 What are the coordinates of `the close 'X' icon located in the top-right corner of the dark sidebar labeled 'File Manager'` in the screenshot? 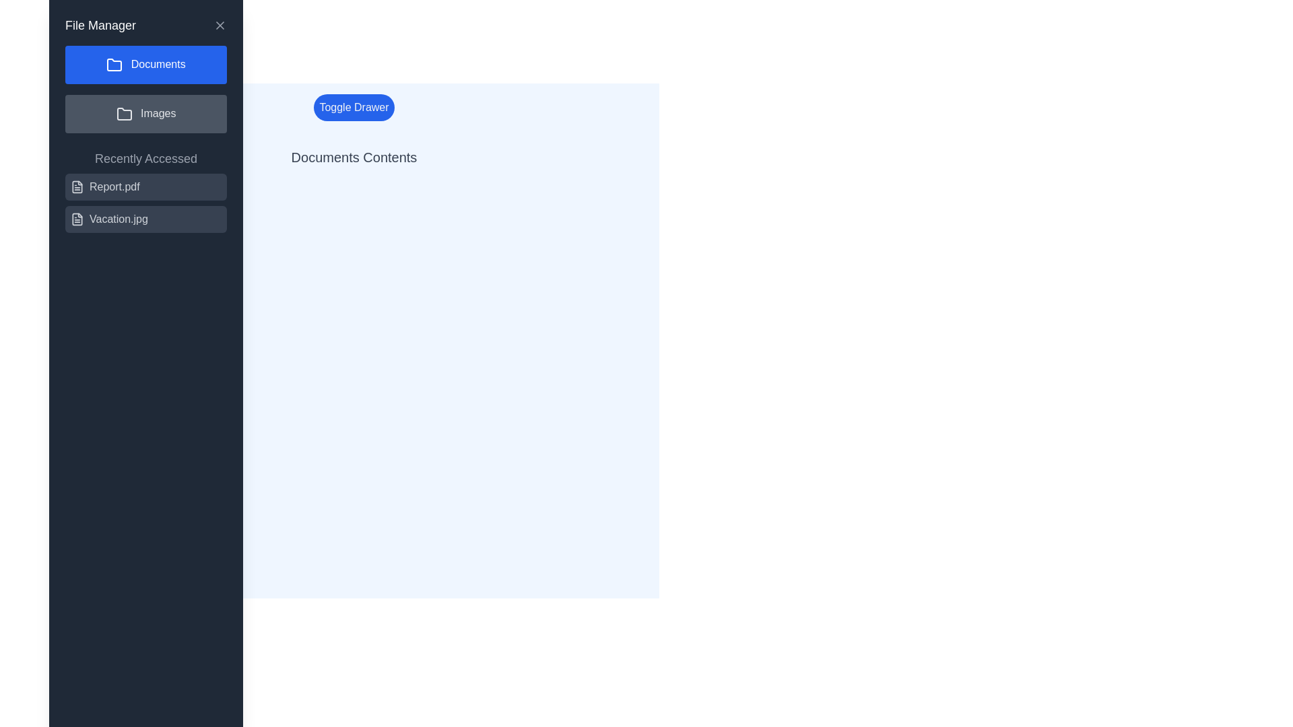 It's located at (220, 26).